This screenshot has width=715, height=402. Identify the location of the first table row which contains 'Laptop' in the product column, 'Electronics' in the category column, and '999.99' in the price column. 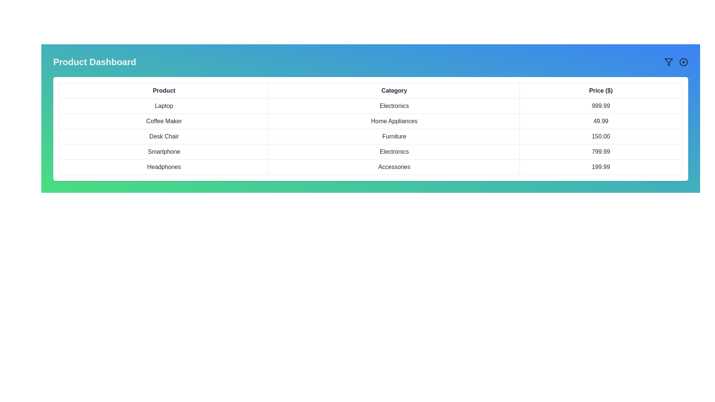
(371, 106).